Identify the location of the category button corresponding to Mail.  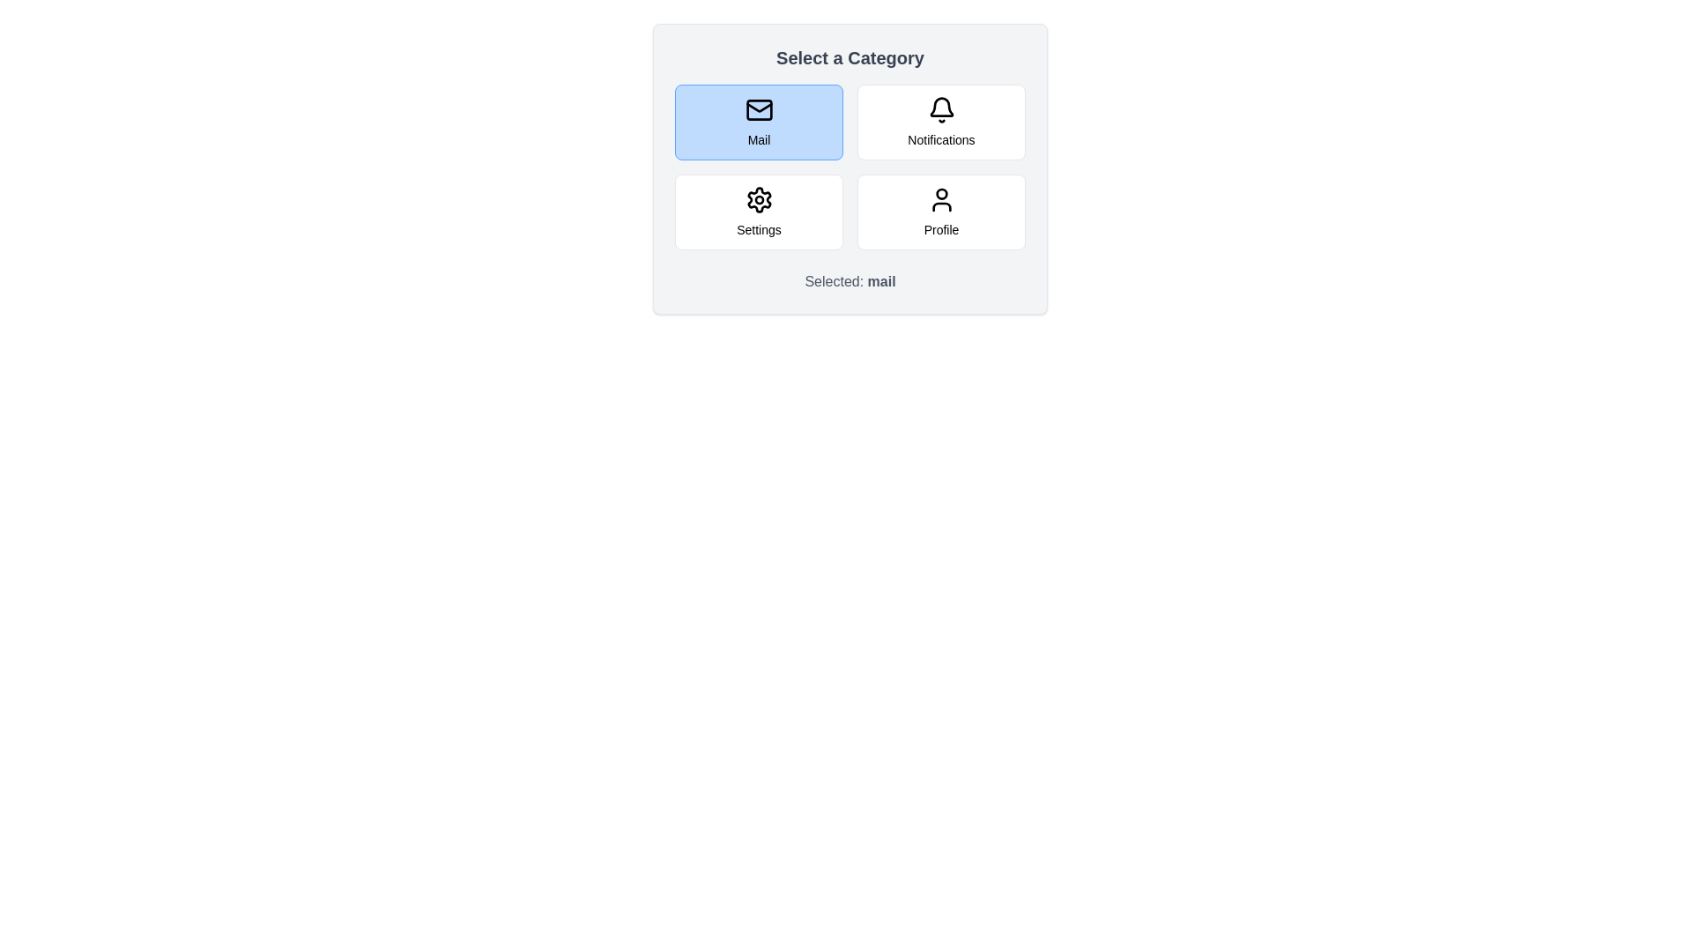
(759, 121).